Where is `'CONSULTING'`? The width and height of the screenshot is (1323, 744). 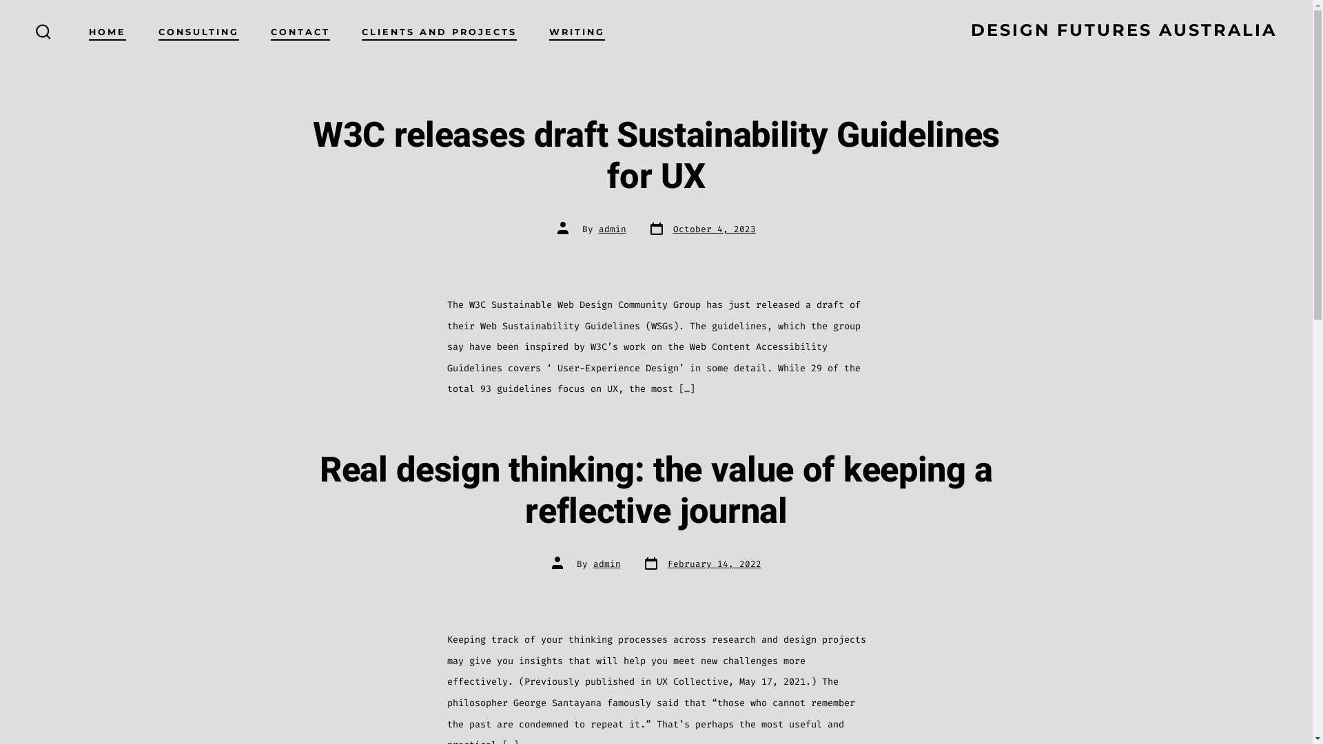
'CONSULTING' is located at coordinates (198, 32).